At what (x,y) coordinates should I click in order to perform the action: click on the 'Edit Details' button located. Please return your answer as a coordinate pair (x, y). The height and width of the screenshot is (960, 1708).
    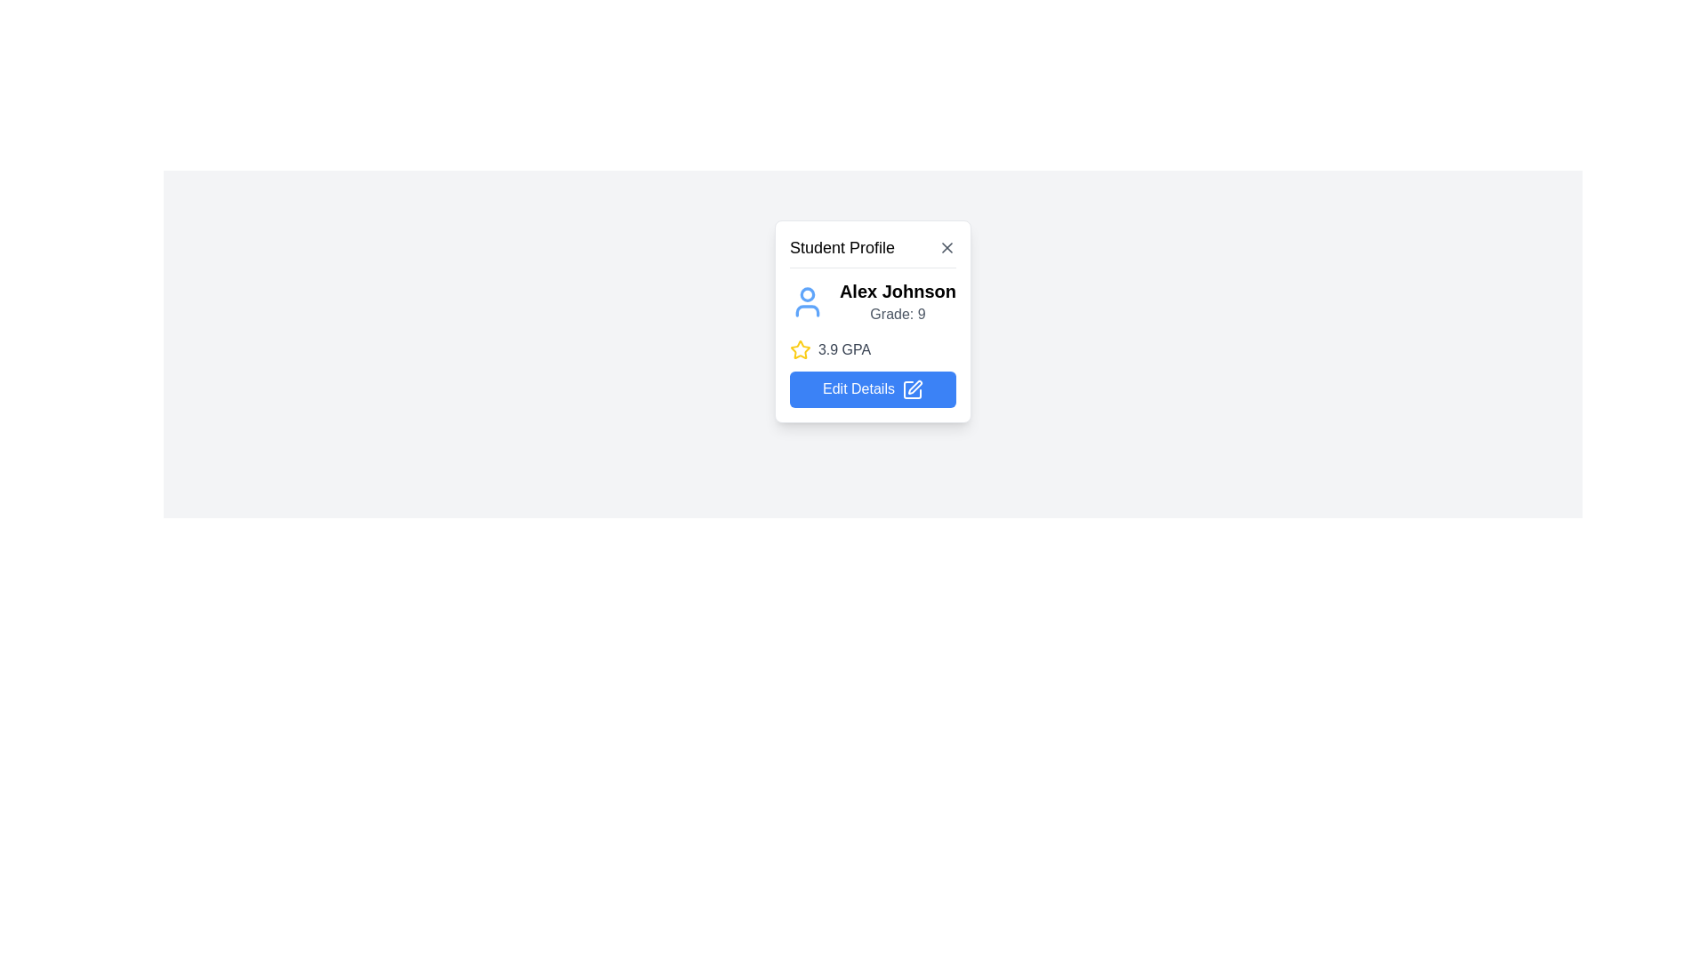
    Looking at the image, I should click on (873, 372).